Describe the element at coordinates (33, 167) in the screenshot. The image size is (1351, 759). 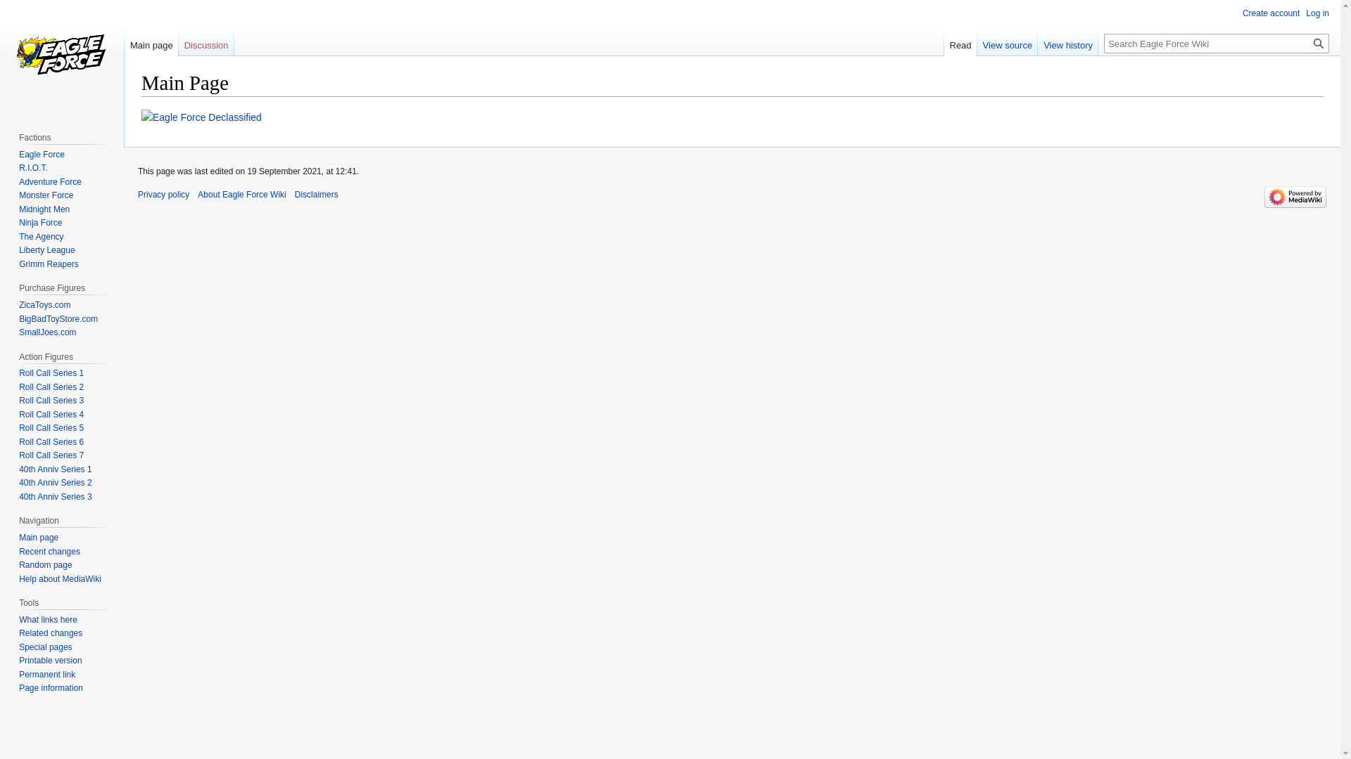
I see `'R.I.O.T.'` at that location.